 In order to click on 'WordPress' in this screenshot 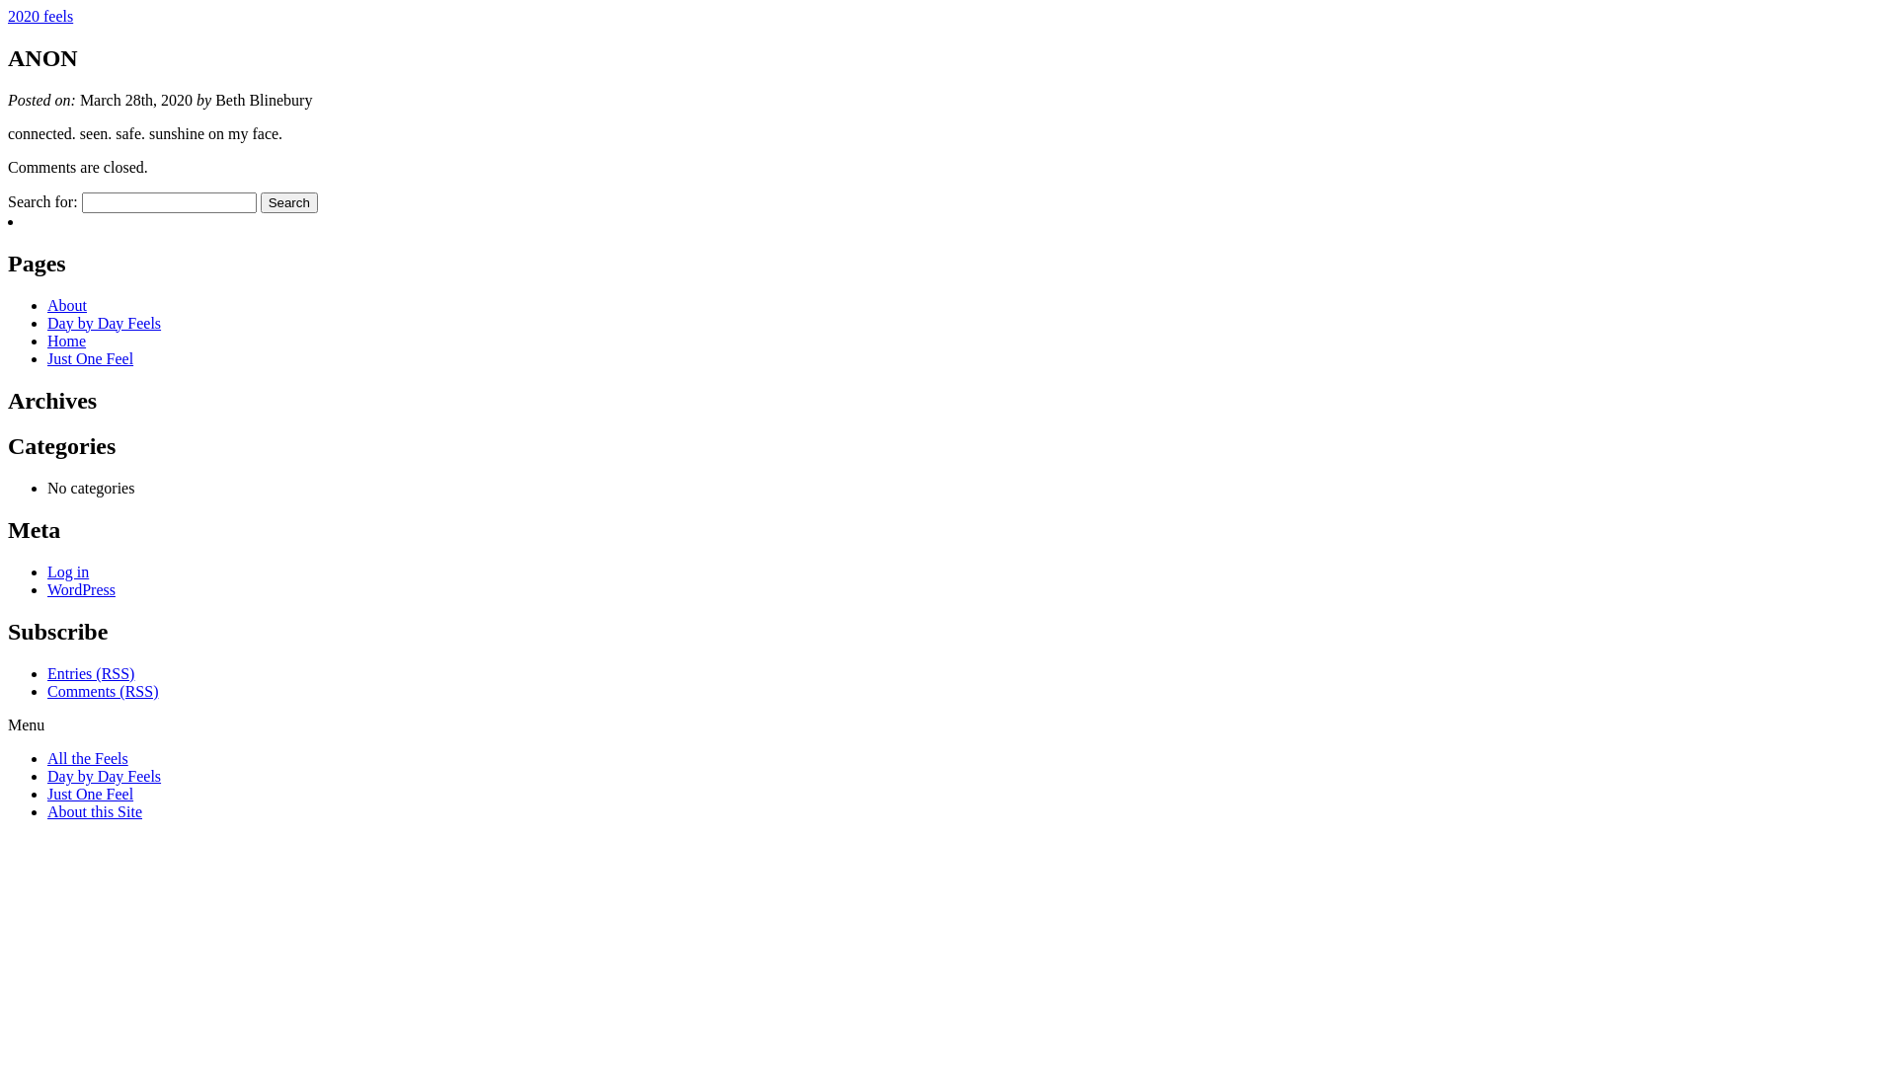, I will do `click(80, 588)`.